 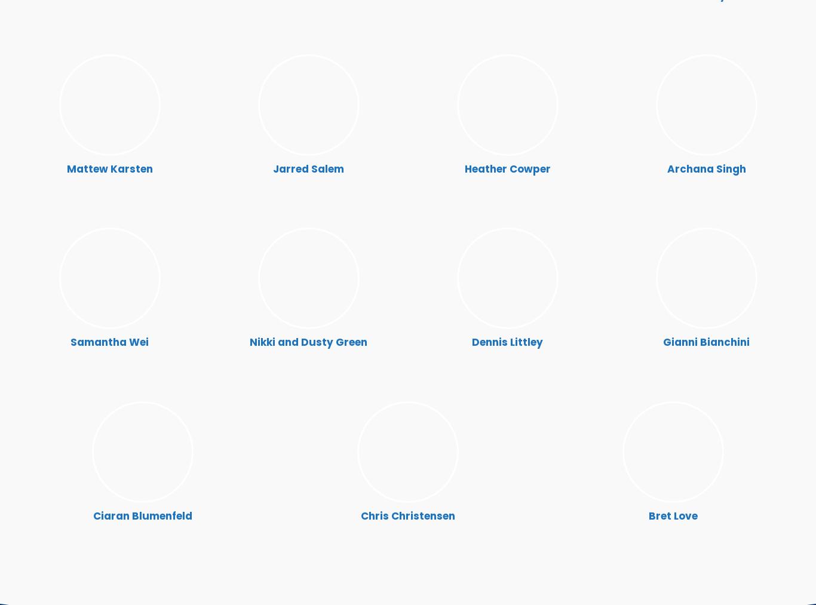 I want to click on 'Samantha Wei', so click(x=70, y=342).